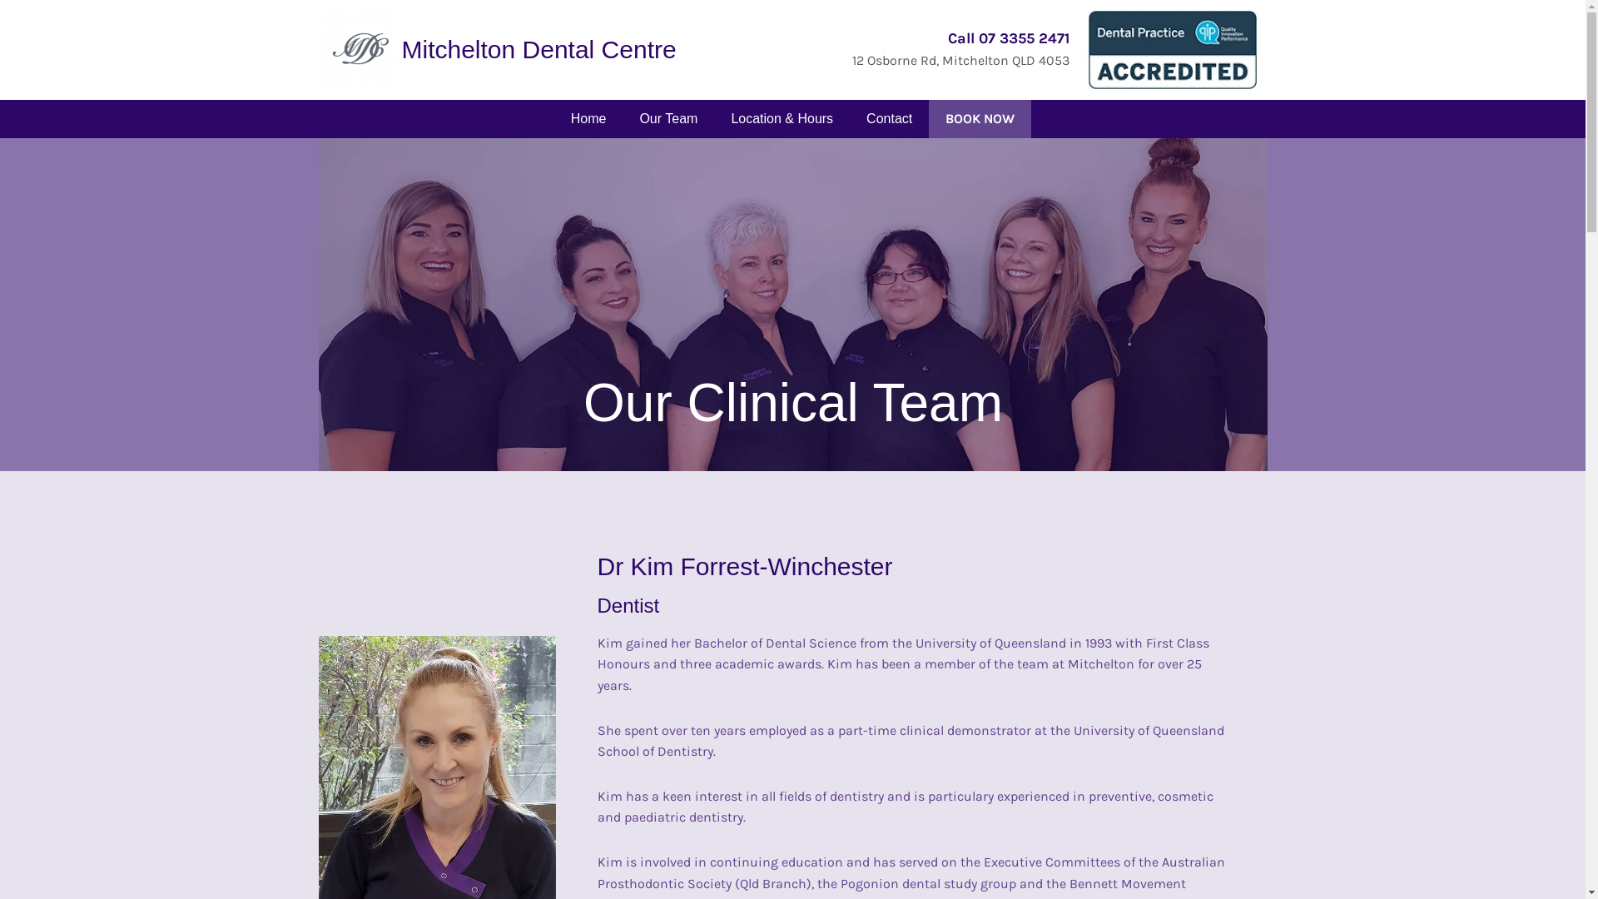 Image resolution: width=1598 pixels, height=899 pixels. What do you see at coordinates (928, 117) in the screenshot?
I see `'BOOK NOW'` at bounding box center [928, 117].